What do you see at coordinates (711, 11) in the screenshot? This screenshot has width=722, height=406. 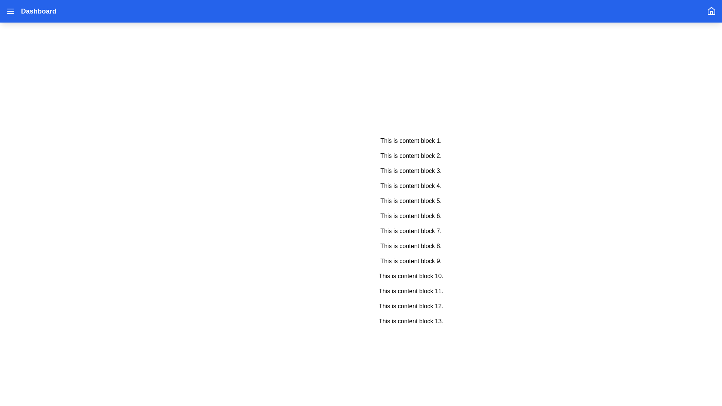 I see `the 'Home' button located in the top-right corner of the blue navigation bar` at bounding box center [711, 11].